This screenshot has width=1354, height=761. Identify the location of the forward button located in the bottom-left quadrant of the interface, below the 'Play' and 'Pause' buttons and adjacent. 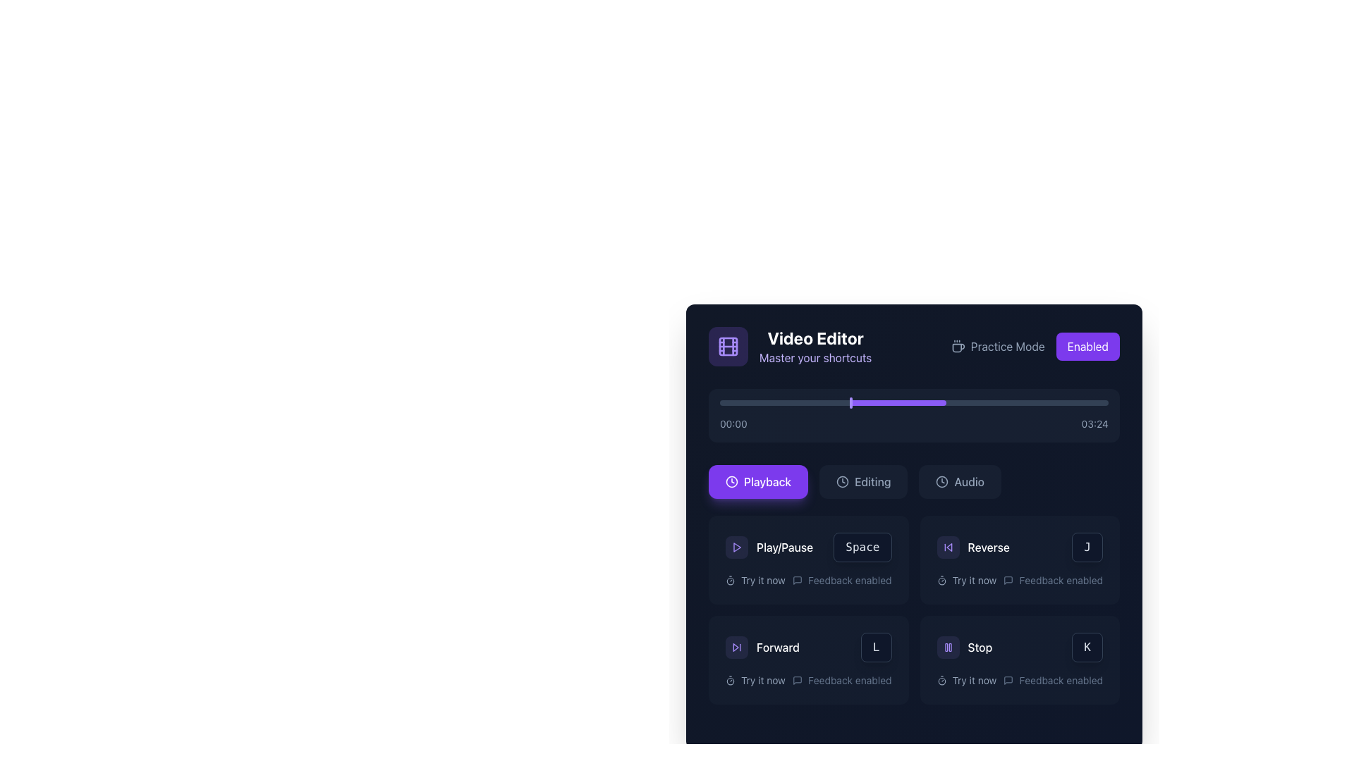
(762, 647).